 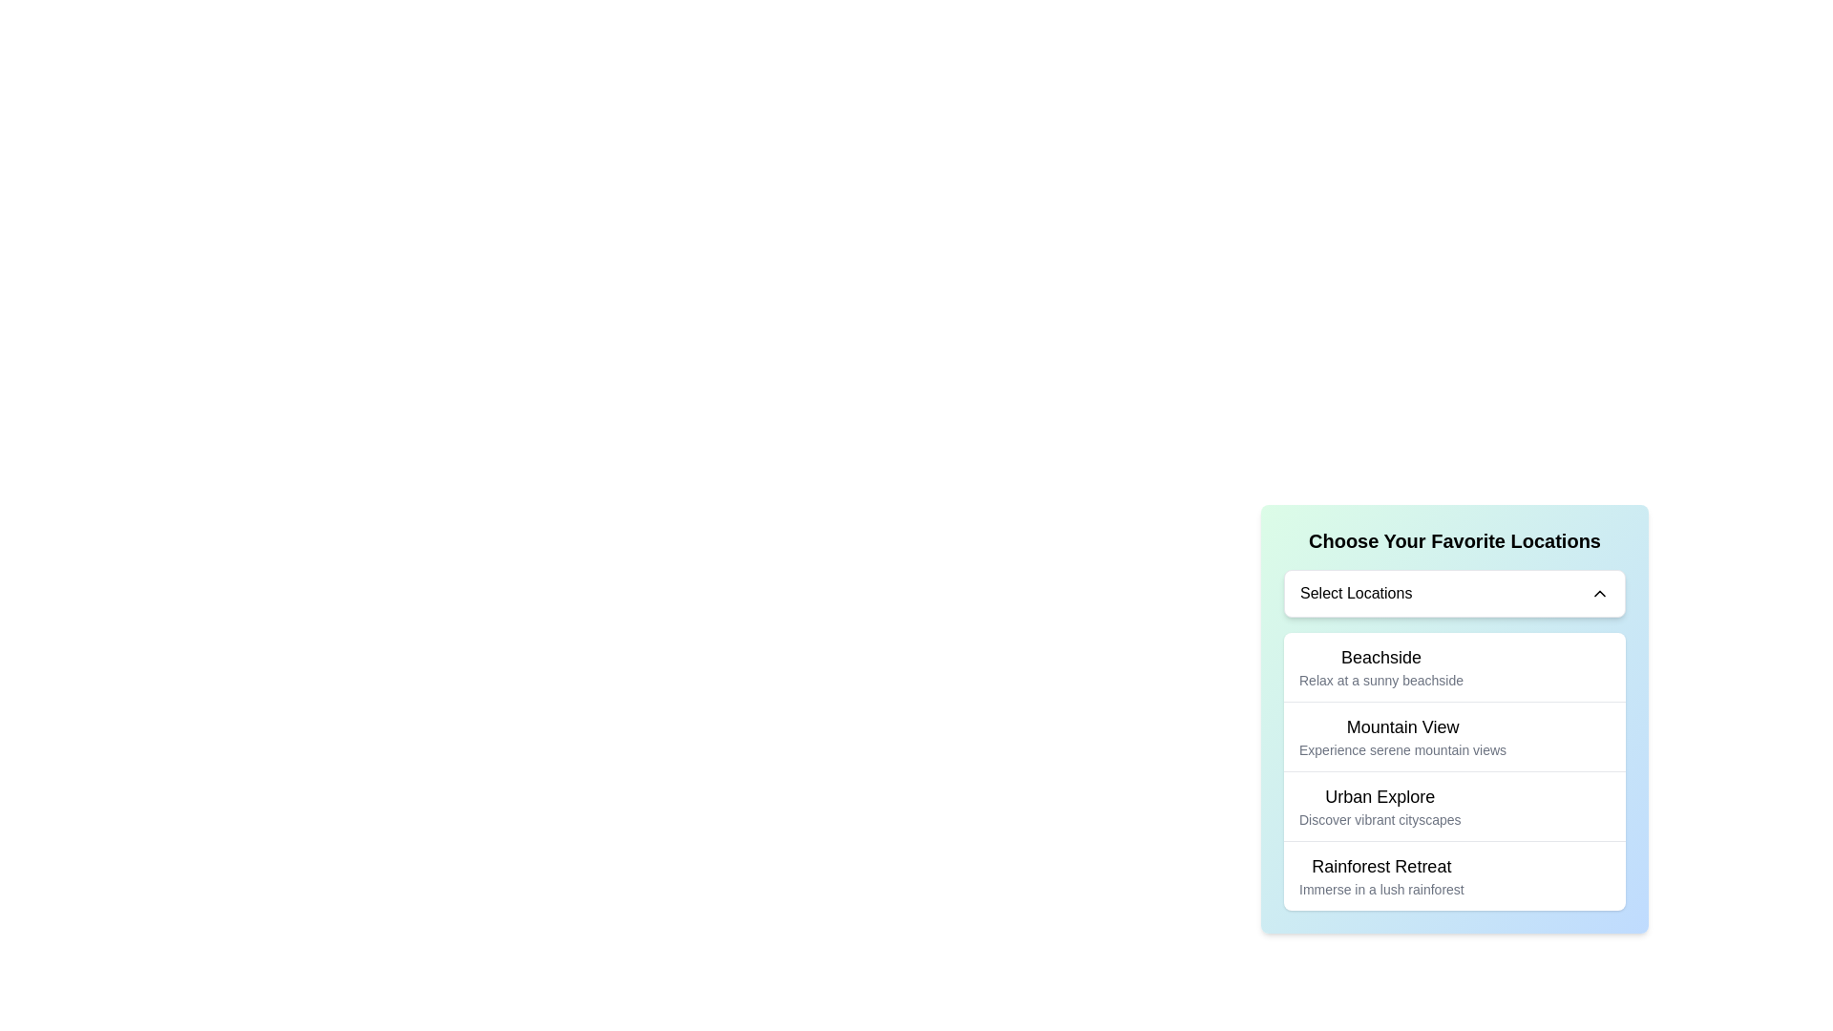 What do you see at coordinates (1402, 735) in the screenshot?
I see `the text label that reads 'Mountain View' which is the second element under 'Choose Your Favorite Locations'` at bounding box center [1402, 735].